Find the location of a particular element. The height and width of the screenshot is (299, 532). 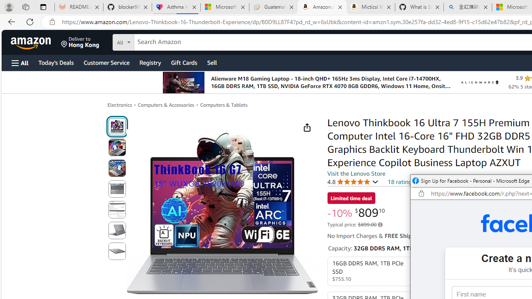

'Computers & Accessories' is located at coordinates (166, 105).